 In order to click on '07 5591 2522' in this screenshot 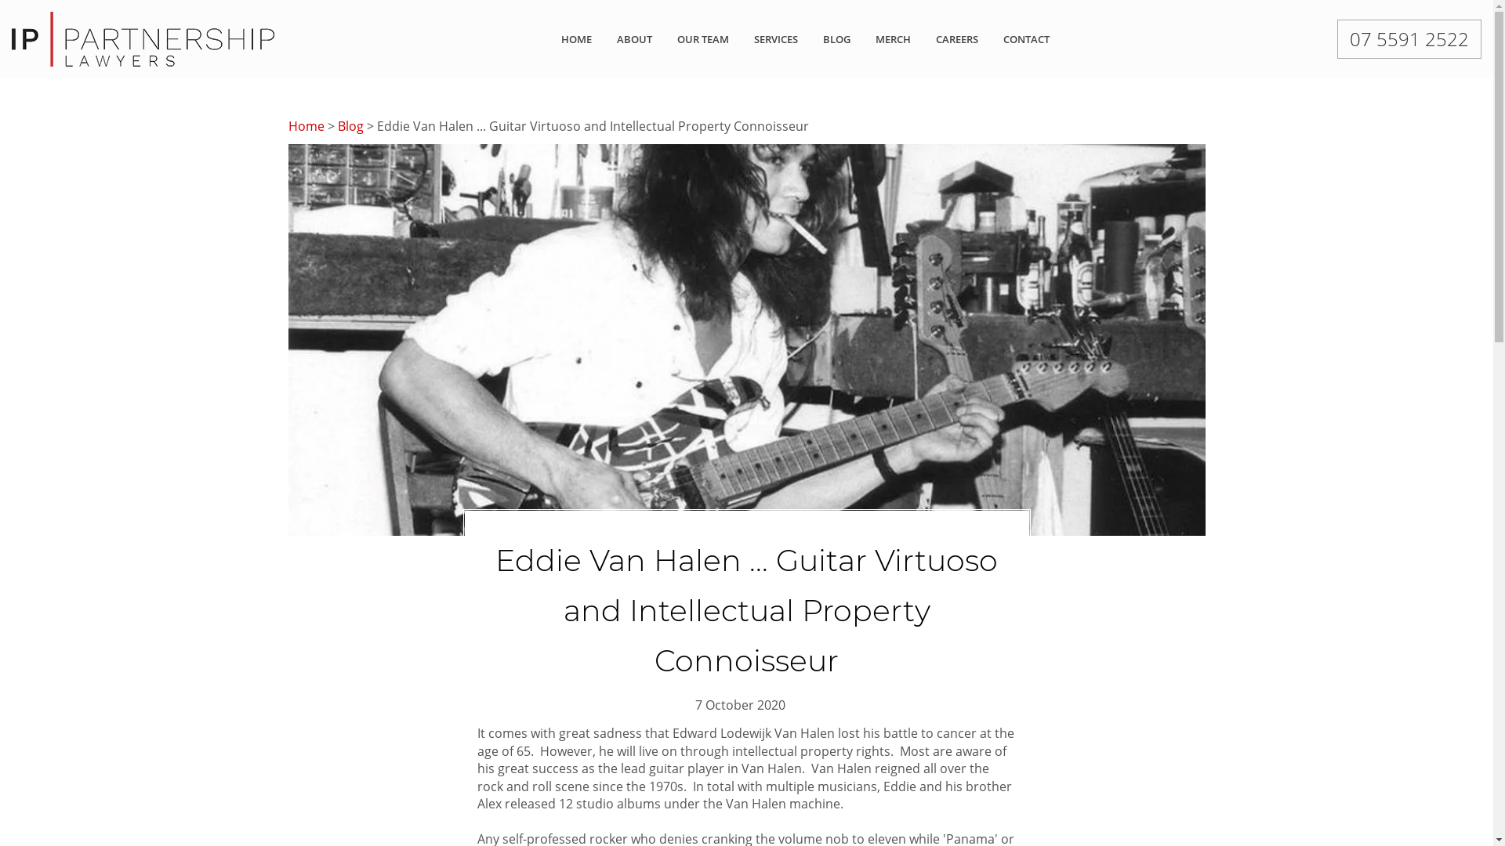, I will do `click(1409, 38)`.